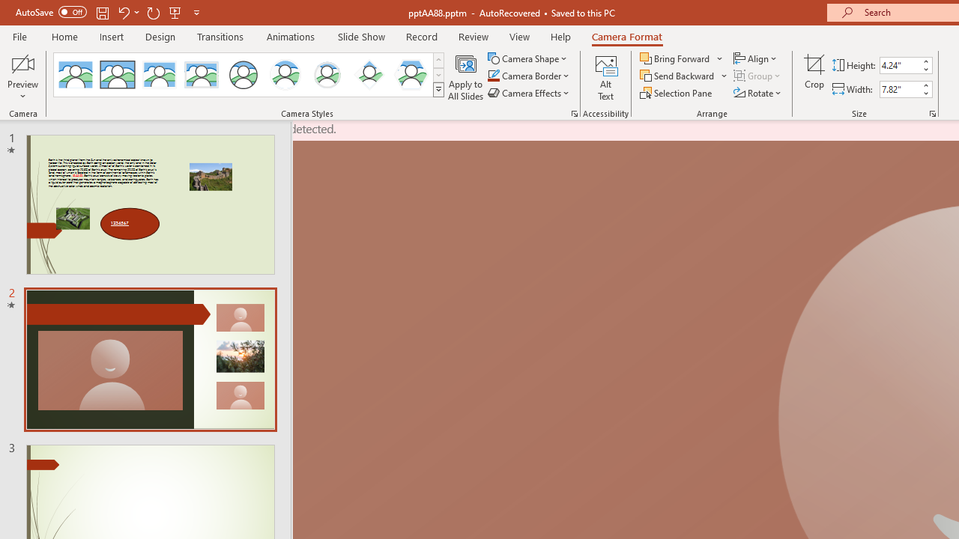 This screenshot has width=959, height=539. I want to click on 'Align', so click(756, 58).